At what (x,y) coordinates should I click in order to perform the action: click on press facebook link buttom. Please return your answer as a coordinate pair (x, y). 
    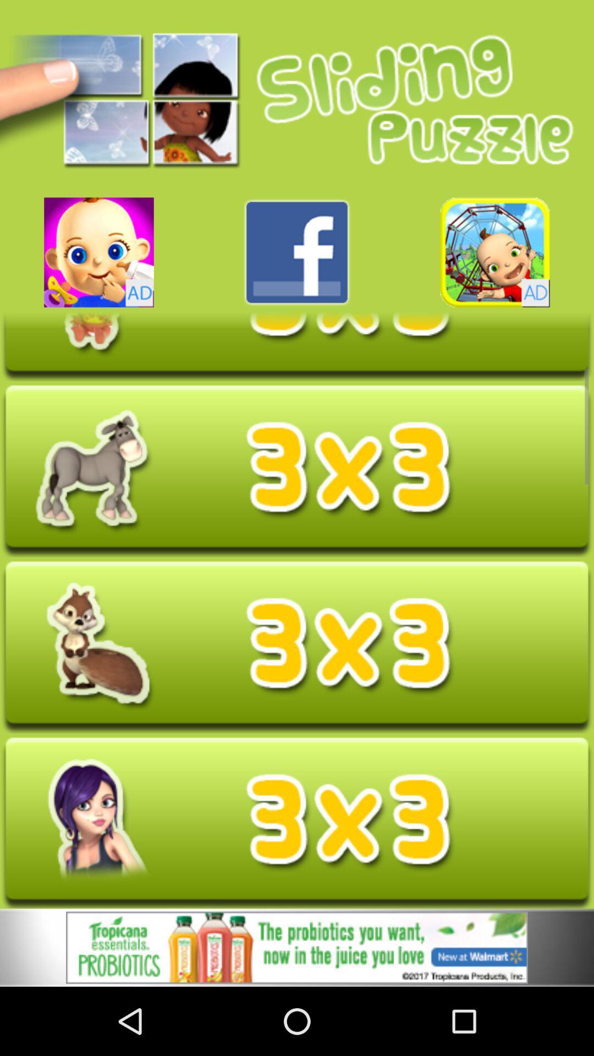
    Looking at the image, I should click on (297, 252).